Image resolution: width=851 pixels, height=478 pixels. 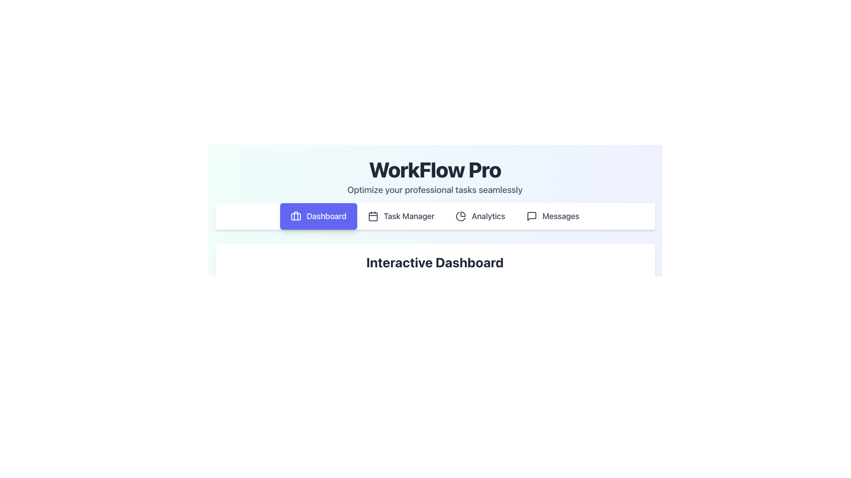 I want to click on the bottom portion of the briefcase-like icon located in the navigation bar at the top, adjacent to the 'Dashboard' text, so click(x=296, y=216).